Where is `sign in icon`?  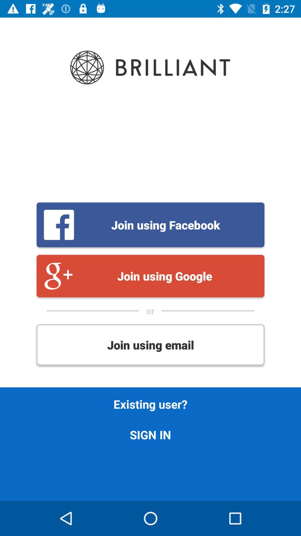 sign in icon is located at coordinates (151, 434).